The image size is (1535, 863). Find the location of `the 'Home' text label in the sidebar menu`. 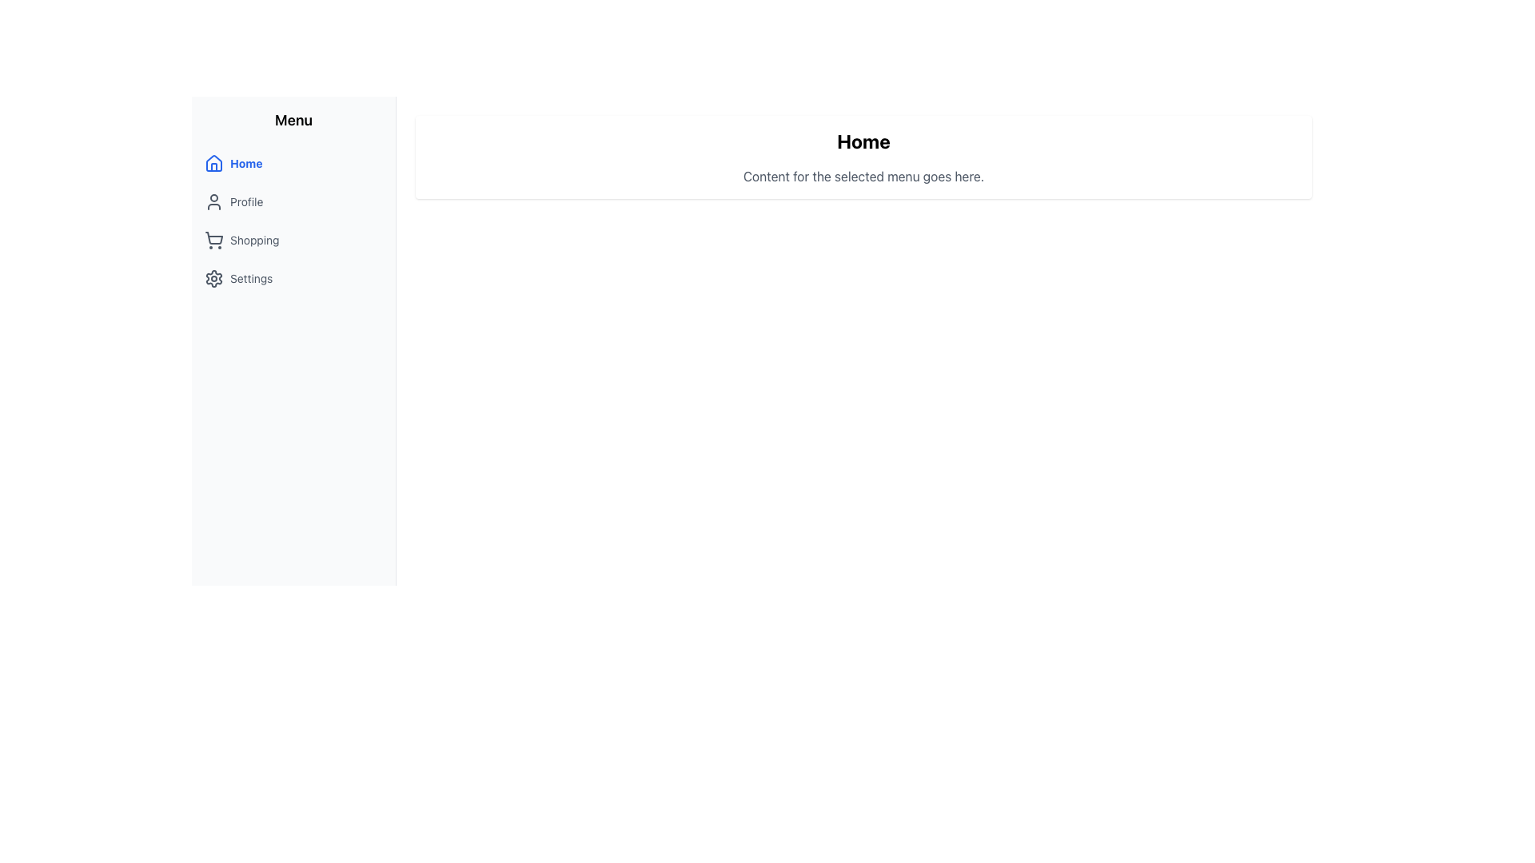

the 'Home' text label in the sidebar menu is located at coordinates (245, 163).